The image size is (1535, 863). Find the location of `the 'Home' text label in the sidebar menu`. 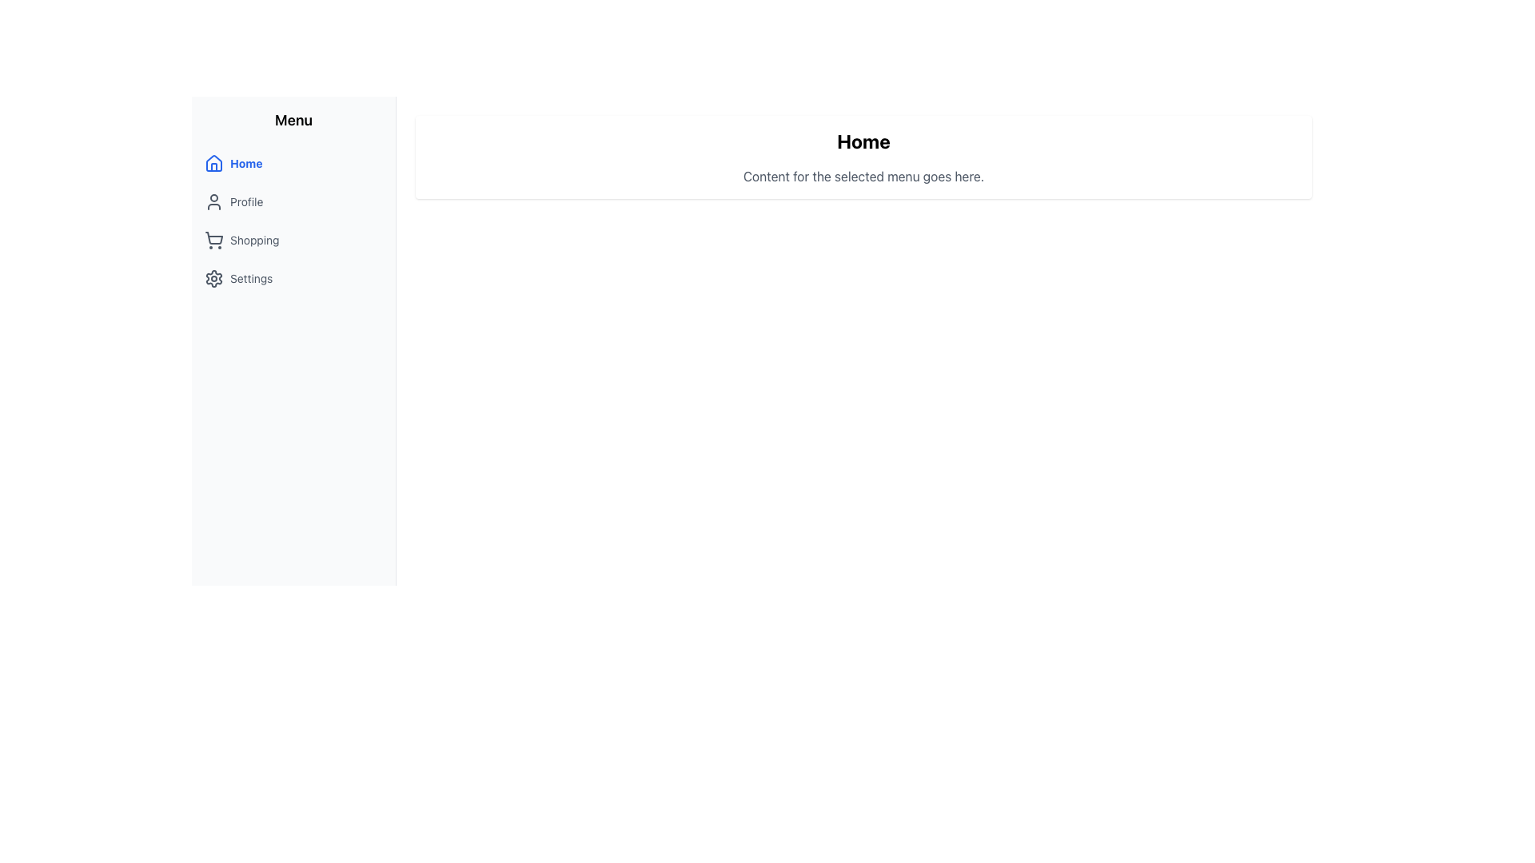

the 'Home' text label in the sidebar menu is located at coordinates (245, 163).